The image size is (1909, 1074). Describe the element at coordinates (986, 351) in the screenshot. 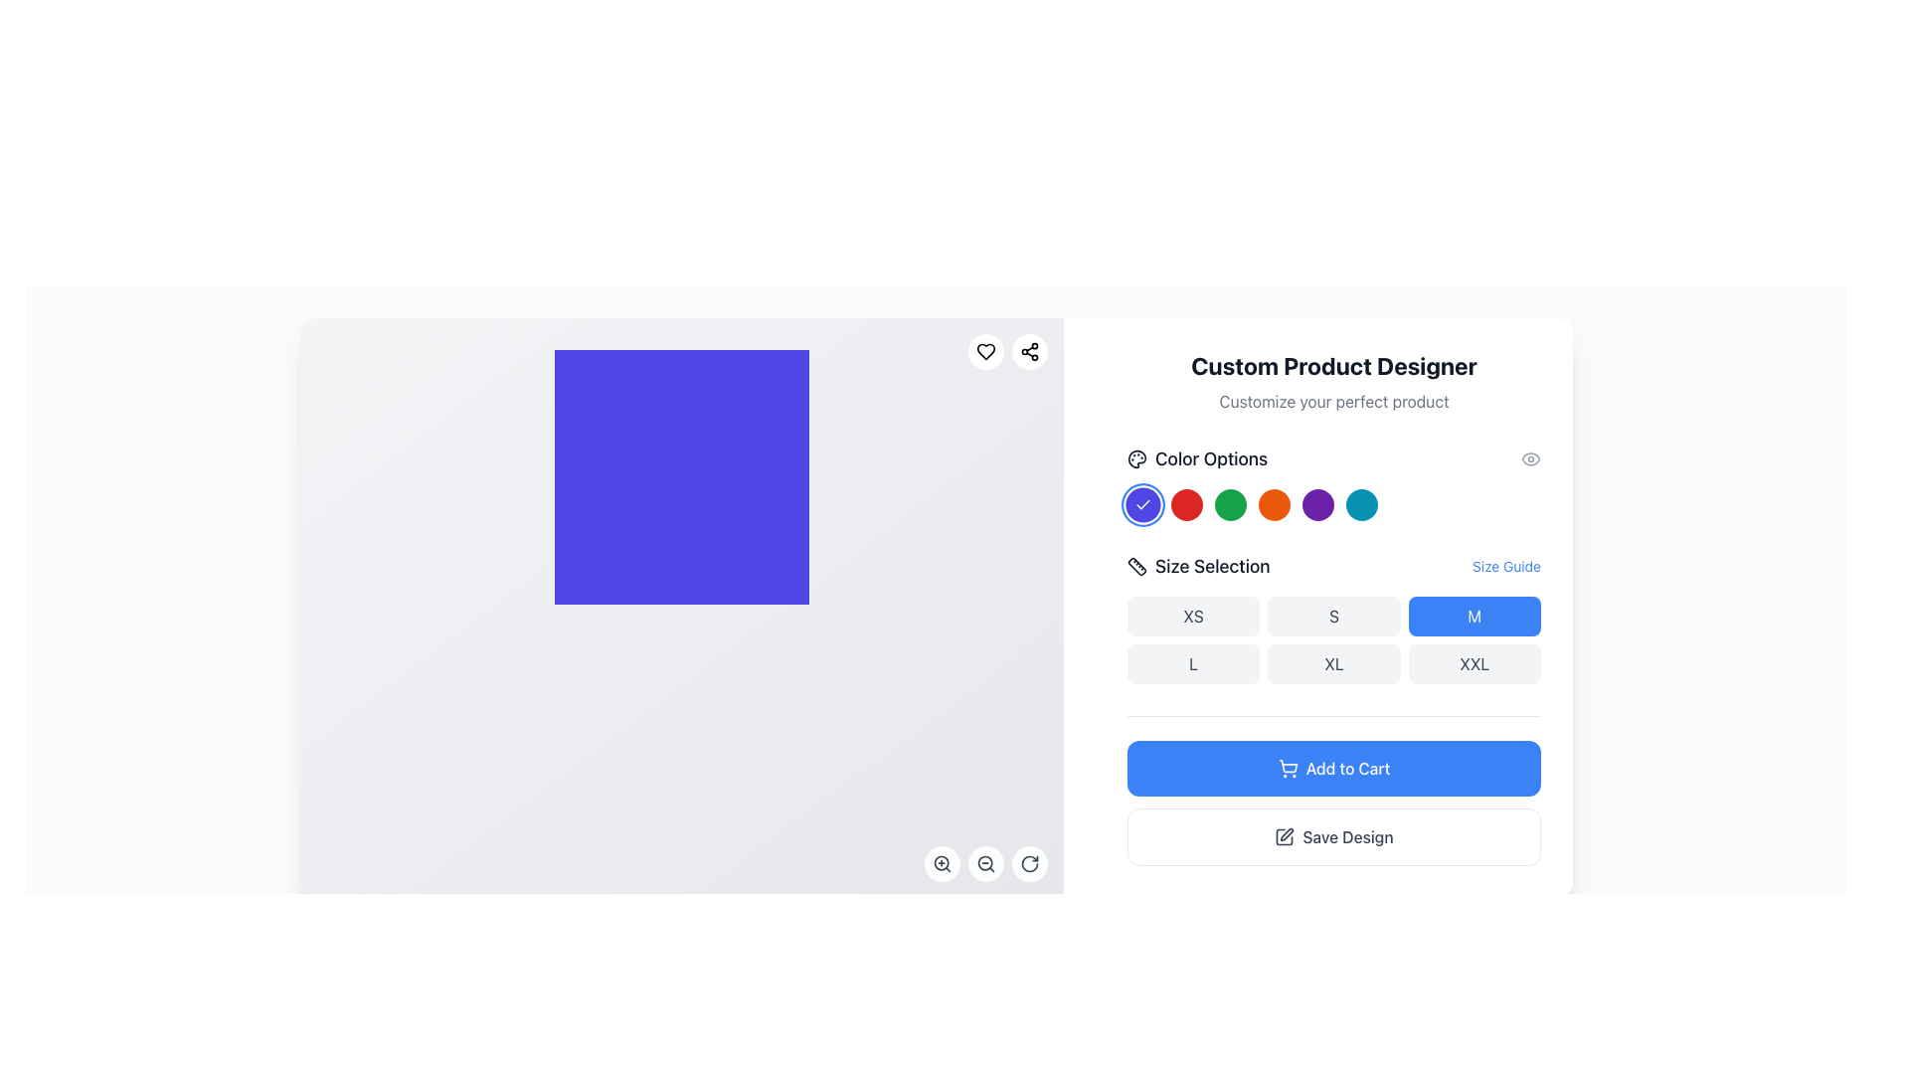

I see `the small heart icon, which is a favorite or like indicator` at that location.